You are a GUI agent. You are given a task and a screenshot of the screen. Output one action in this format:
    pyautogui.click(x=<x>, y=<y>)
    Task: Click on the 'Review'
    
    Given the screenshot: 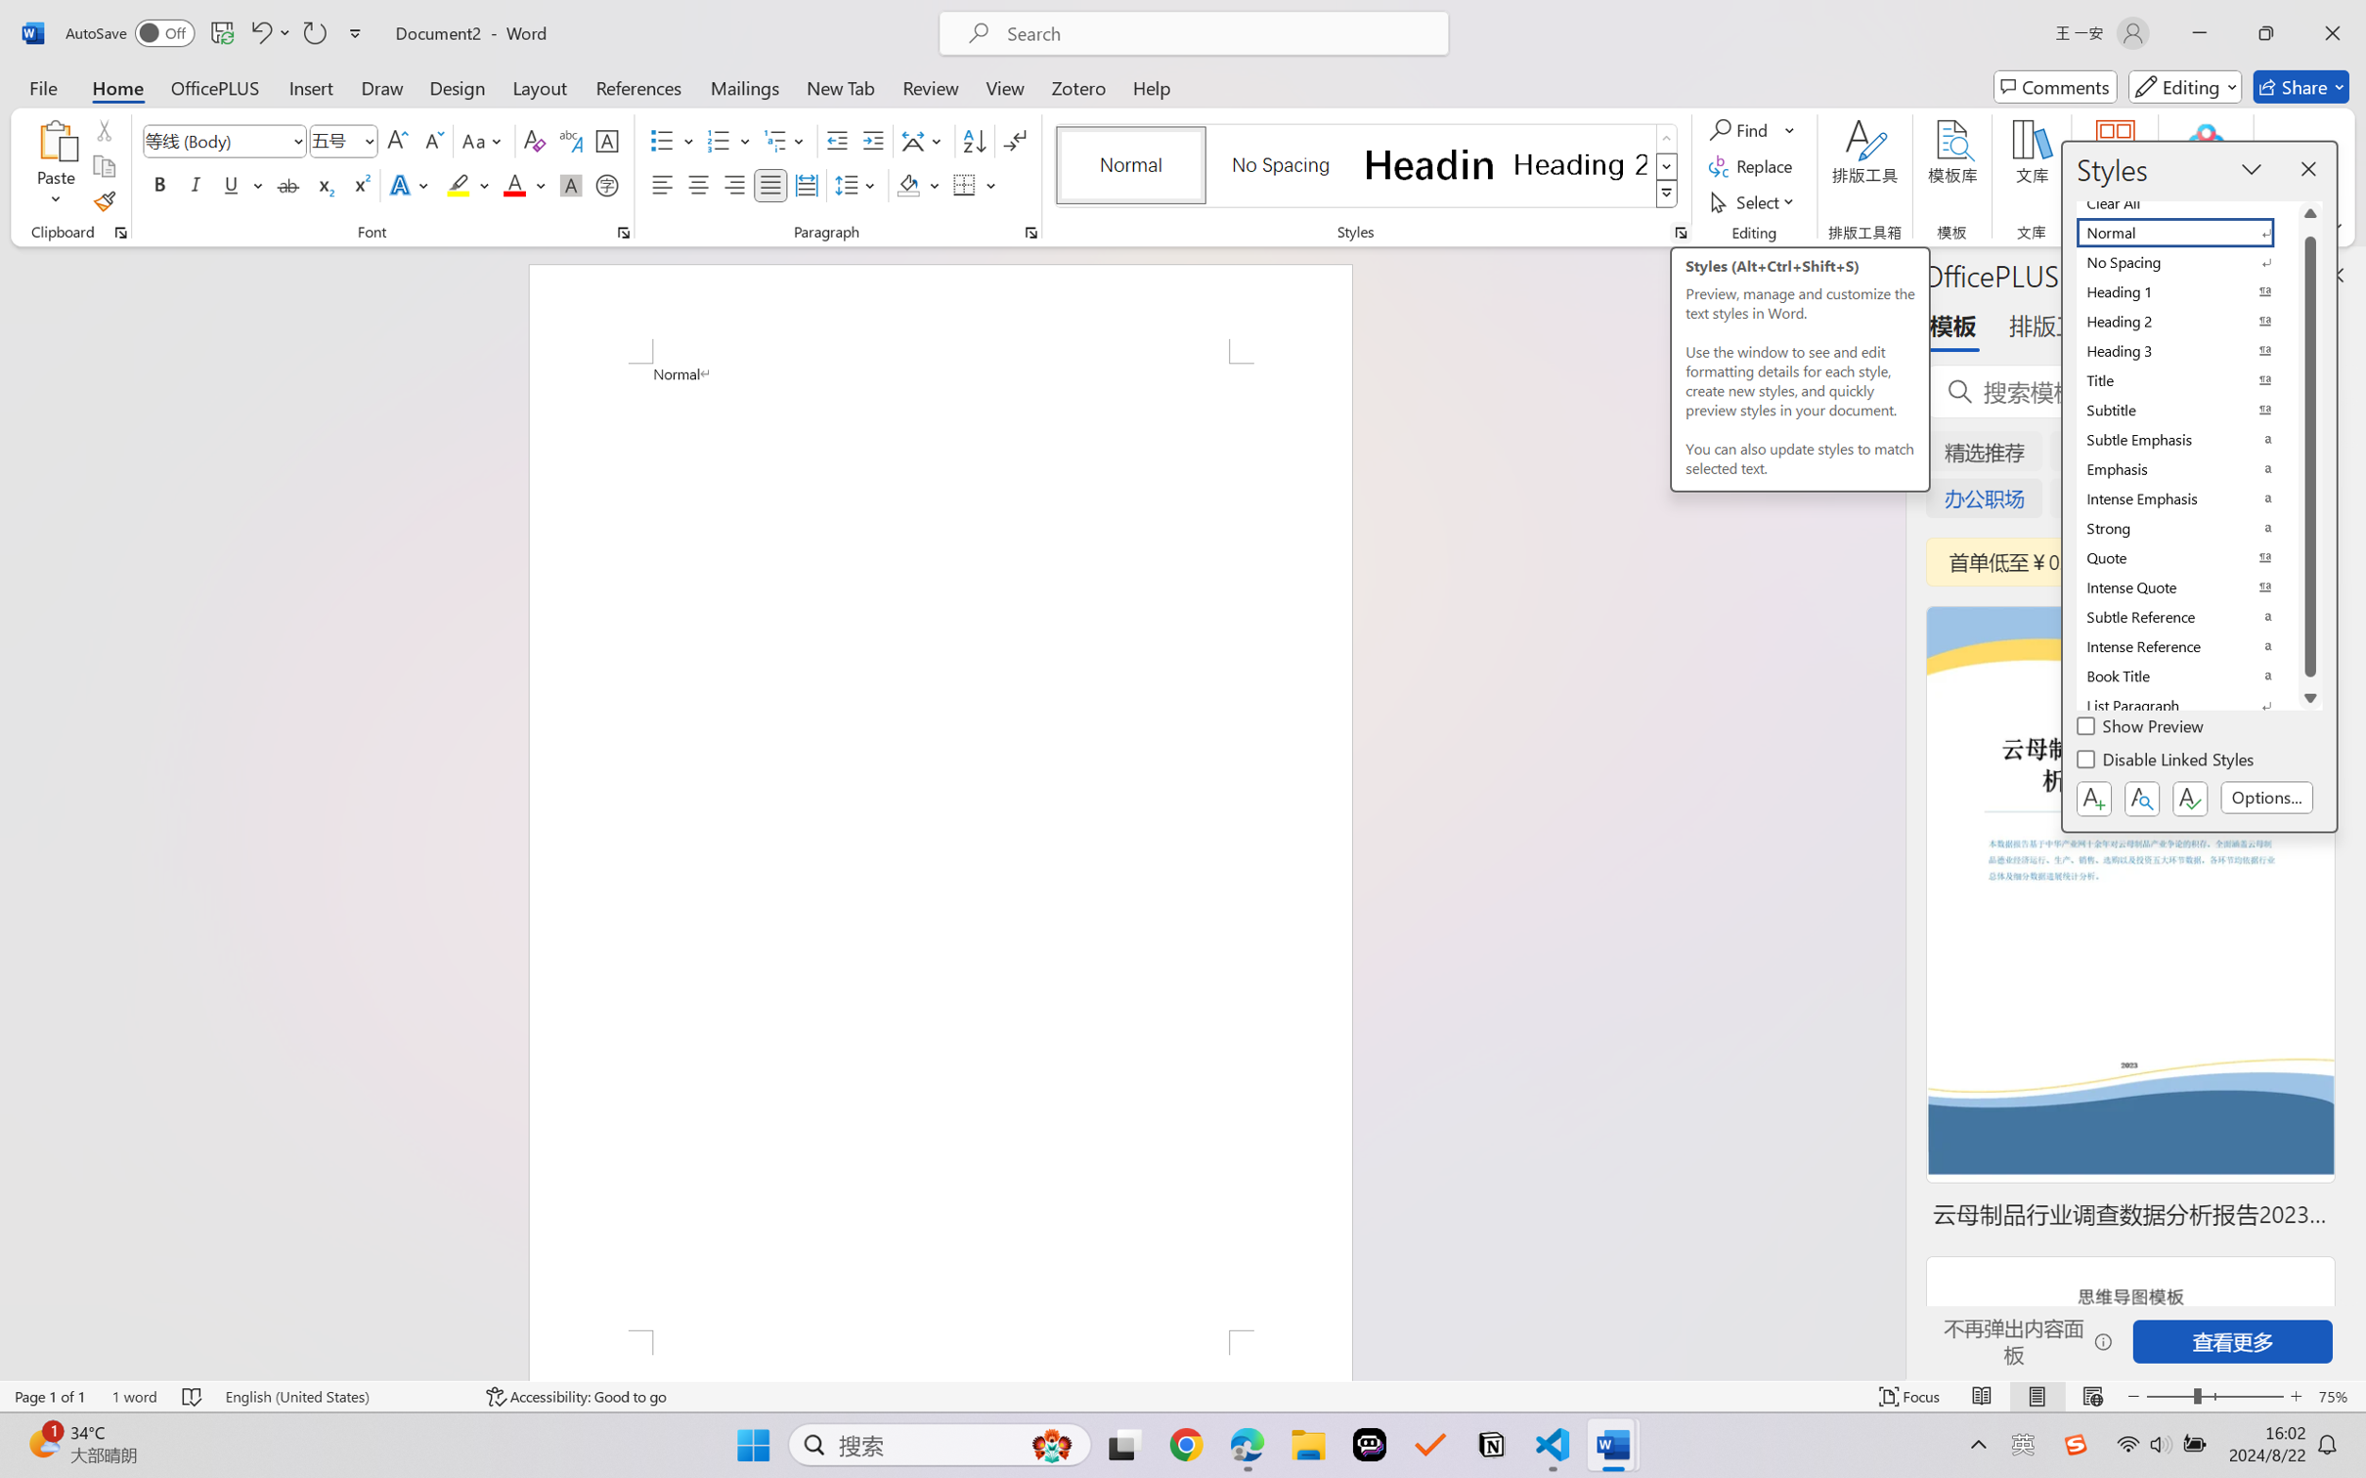 What is the action you would take?
    pyautogui.click(x=930, y=86)
    